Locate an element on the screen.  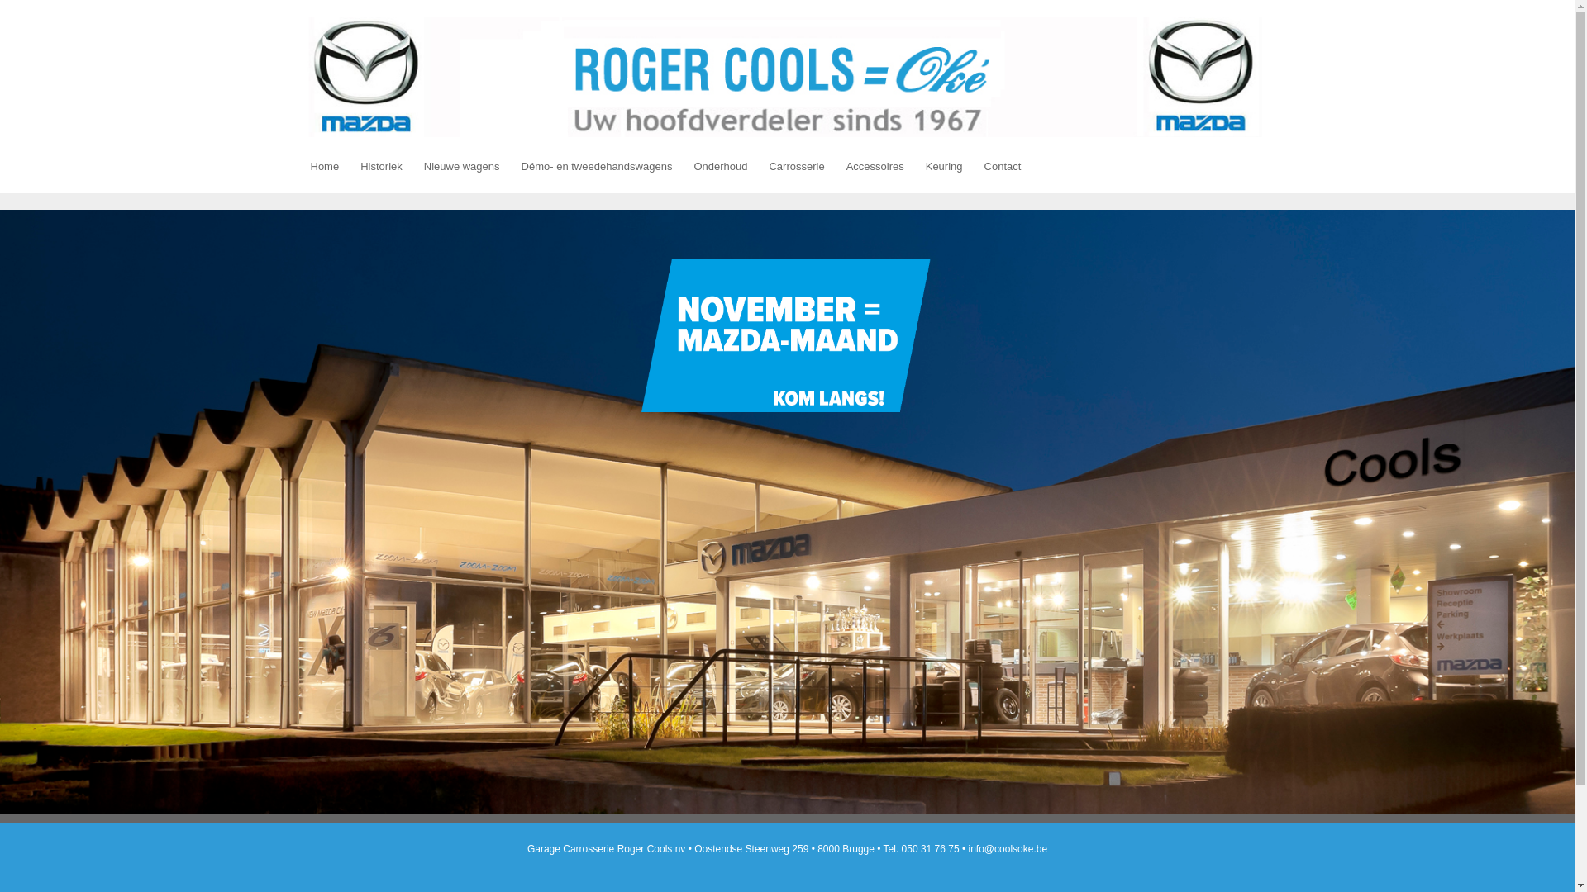
'Accessoires' is located at coordinates (875, 167).